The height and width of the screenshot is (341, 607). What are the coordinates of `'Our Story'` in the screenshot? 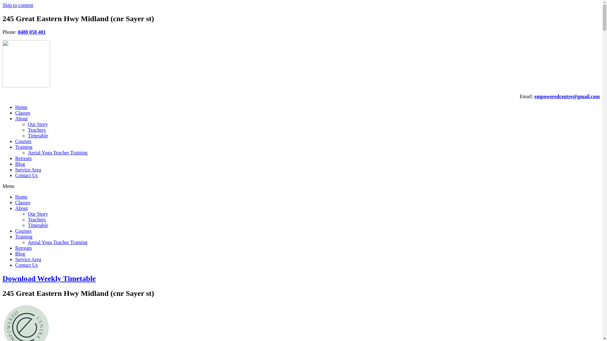 It's located at (38, 124).